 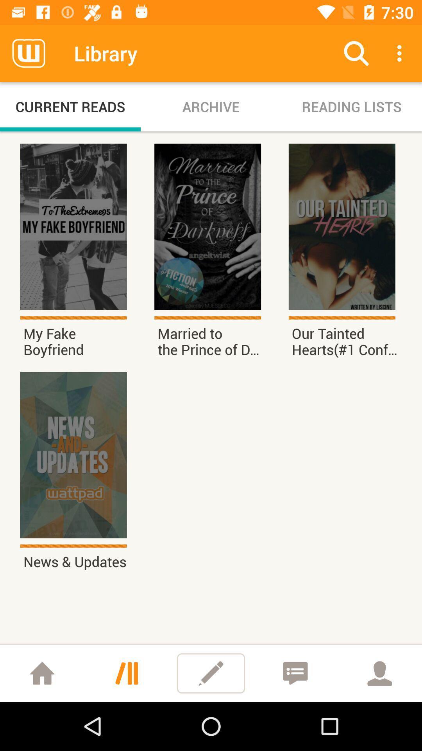 What do you see at coordinates (211, 106) in the screenshot?
I see `icon to the right of current reads icon` at bounding box center [211, 106].